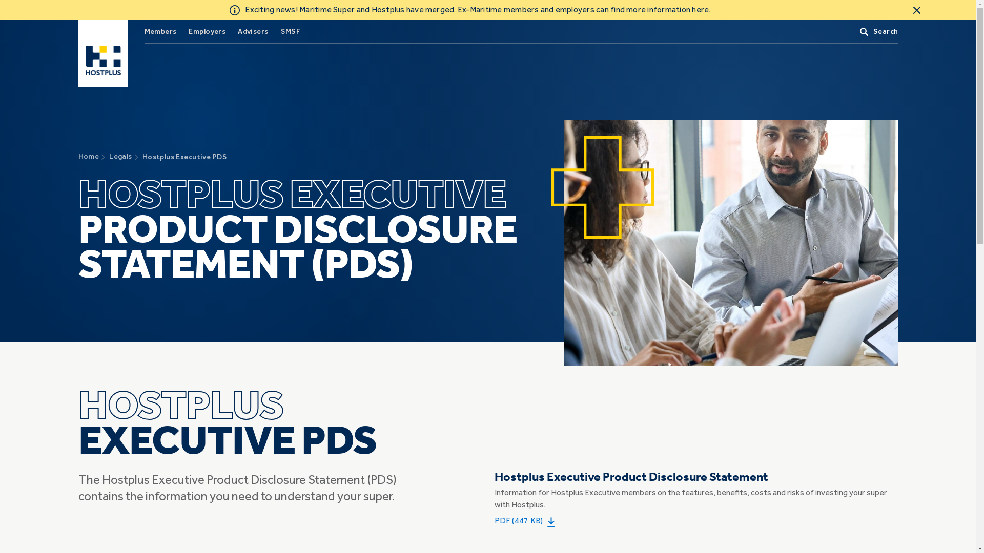  I want to click on 'Members', so click(160, 31).